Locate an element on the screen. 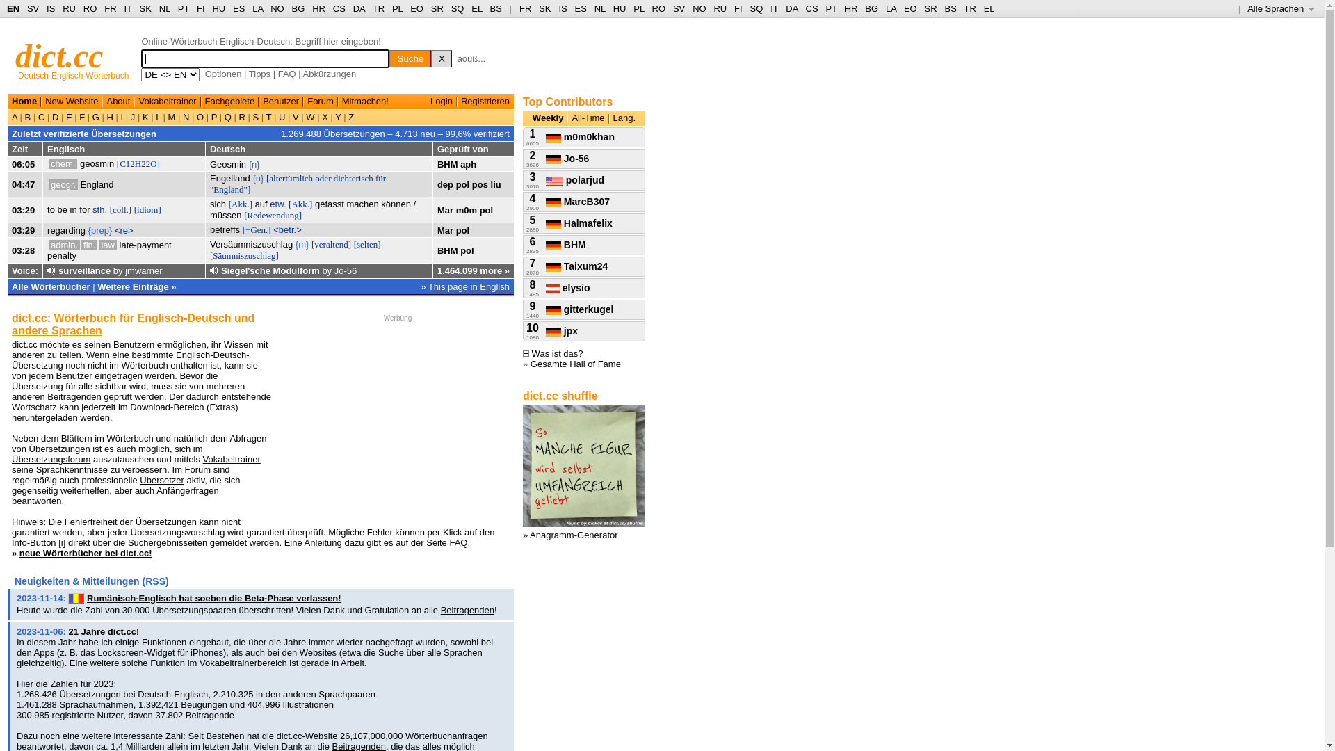  '06:05' is located at coordinates (12, 163).